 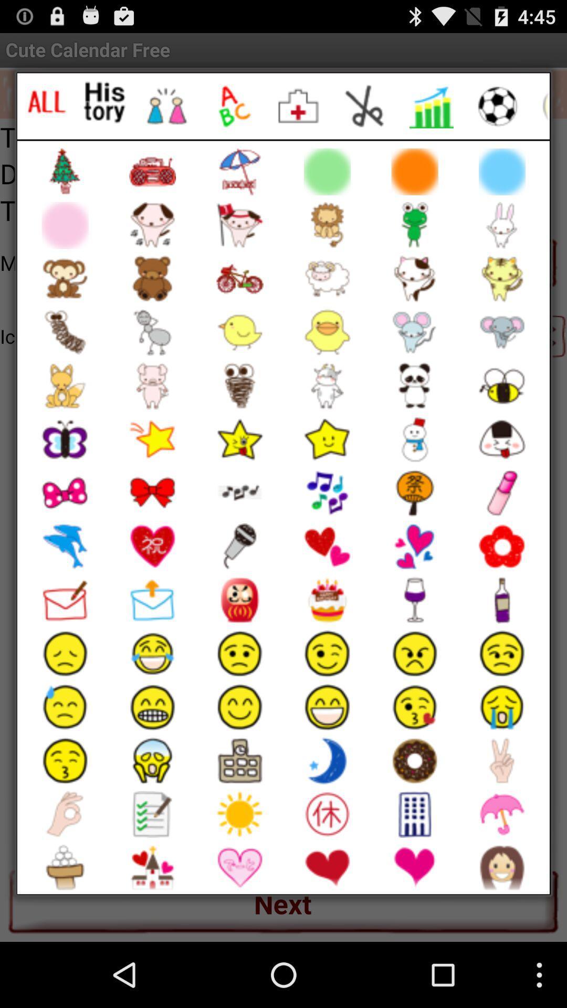 I want to click on clicks an emote, so click(x=104, y=102).